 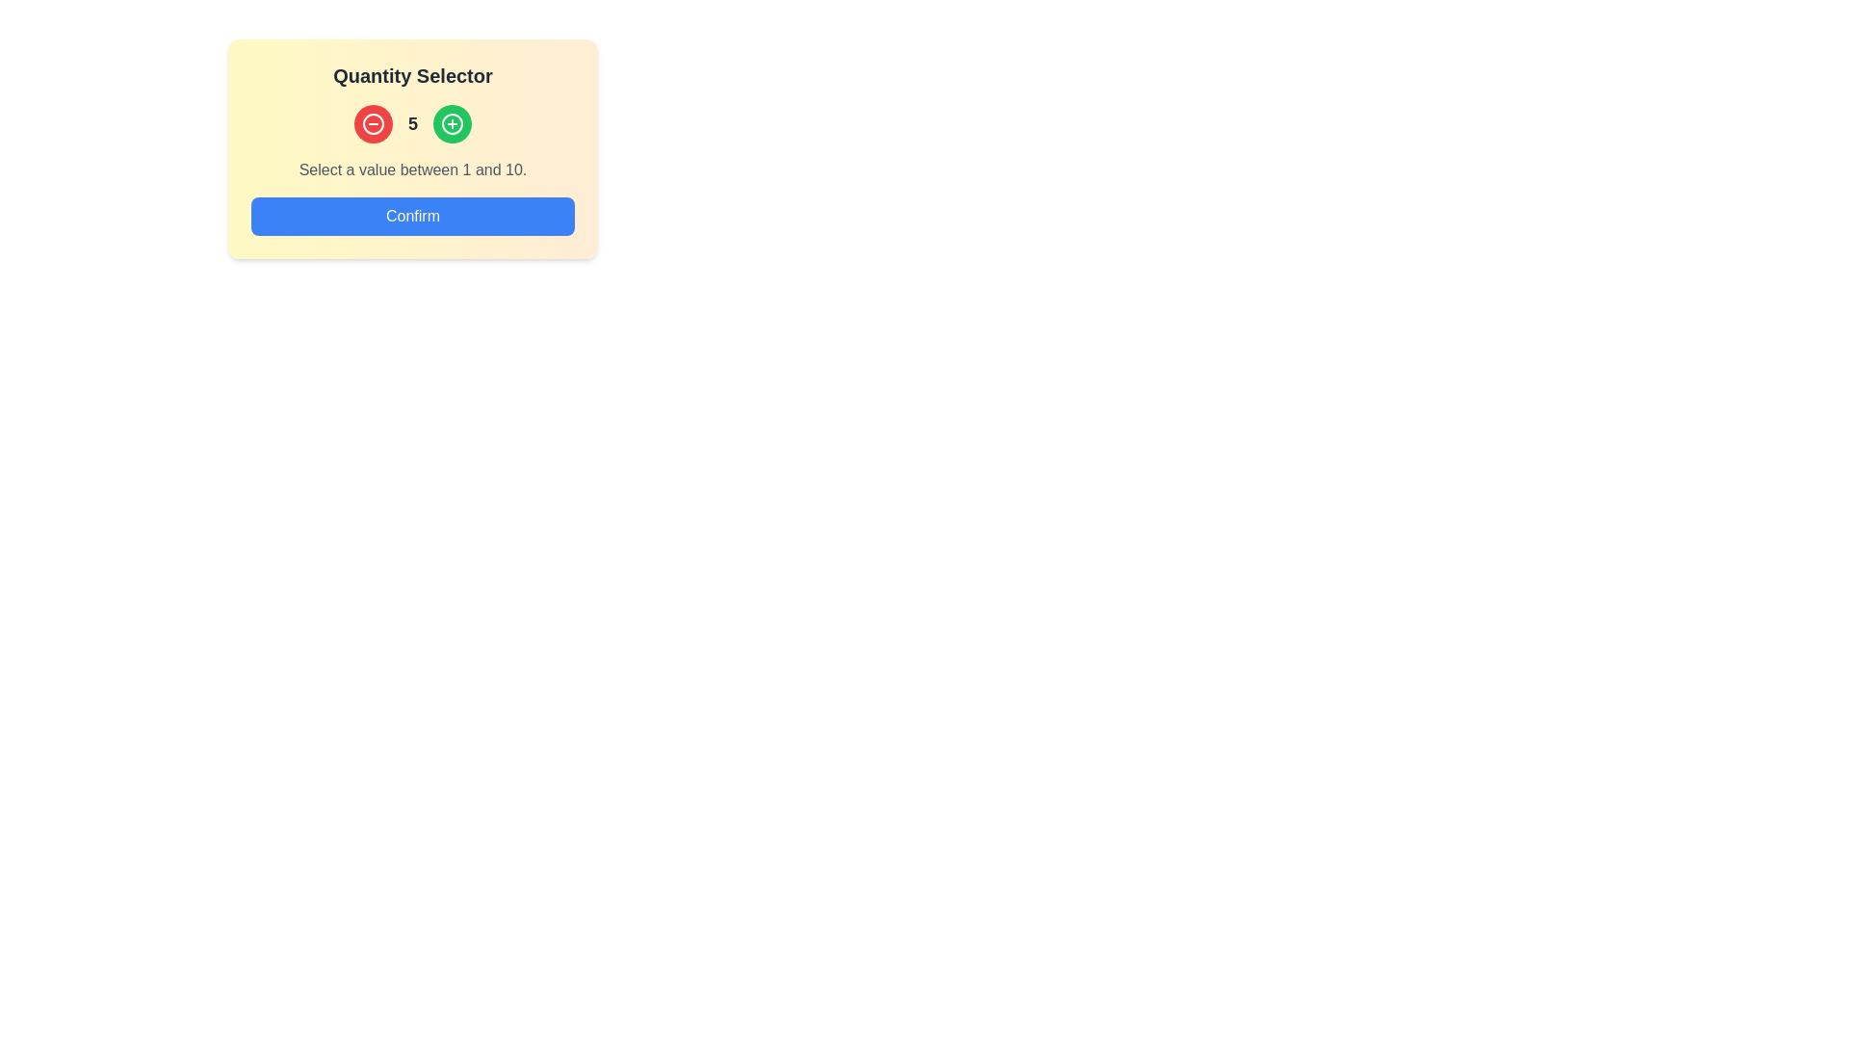 What do you see at coordinates (411, 123) in the screenshot?
I see `the text label displaying the number '5', which is styled in a bold font and dark gray color, located centrally between a red button on the left and a green button on the right` at bounding box center [411, 123].